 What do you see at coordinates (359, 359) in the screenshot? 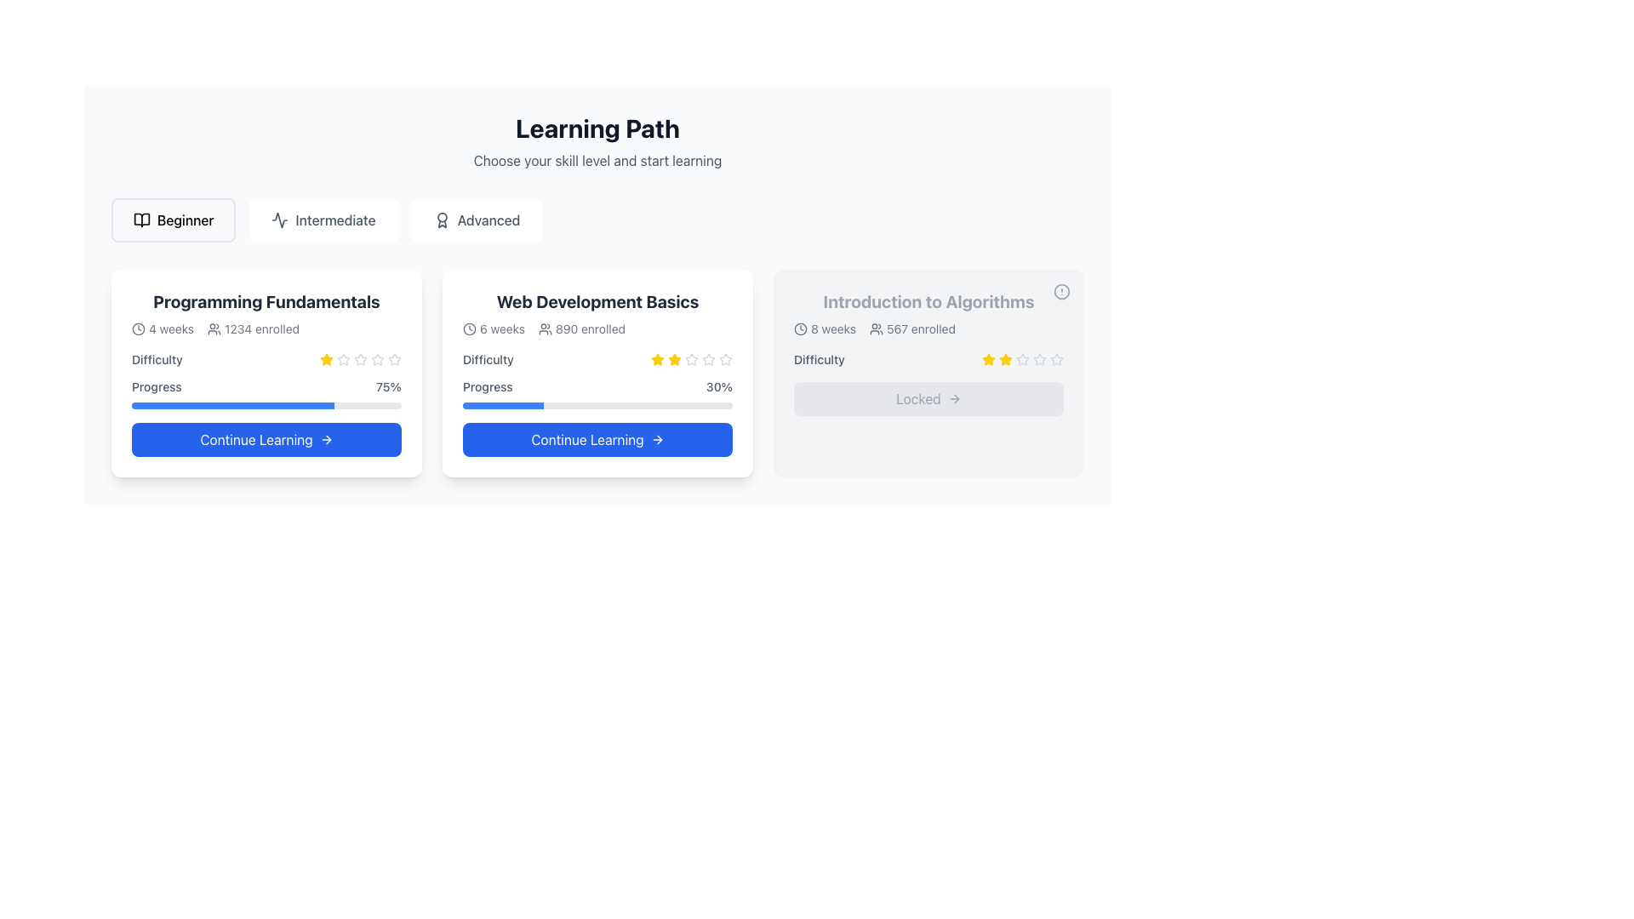
I see `the third star icon in the rating system under the 'Difficulty' label within the 'Programming Fundamentals' card` at bounding box center [359, 359].